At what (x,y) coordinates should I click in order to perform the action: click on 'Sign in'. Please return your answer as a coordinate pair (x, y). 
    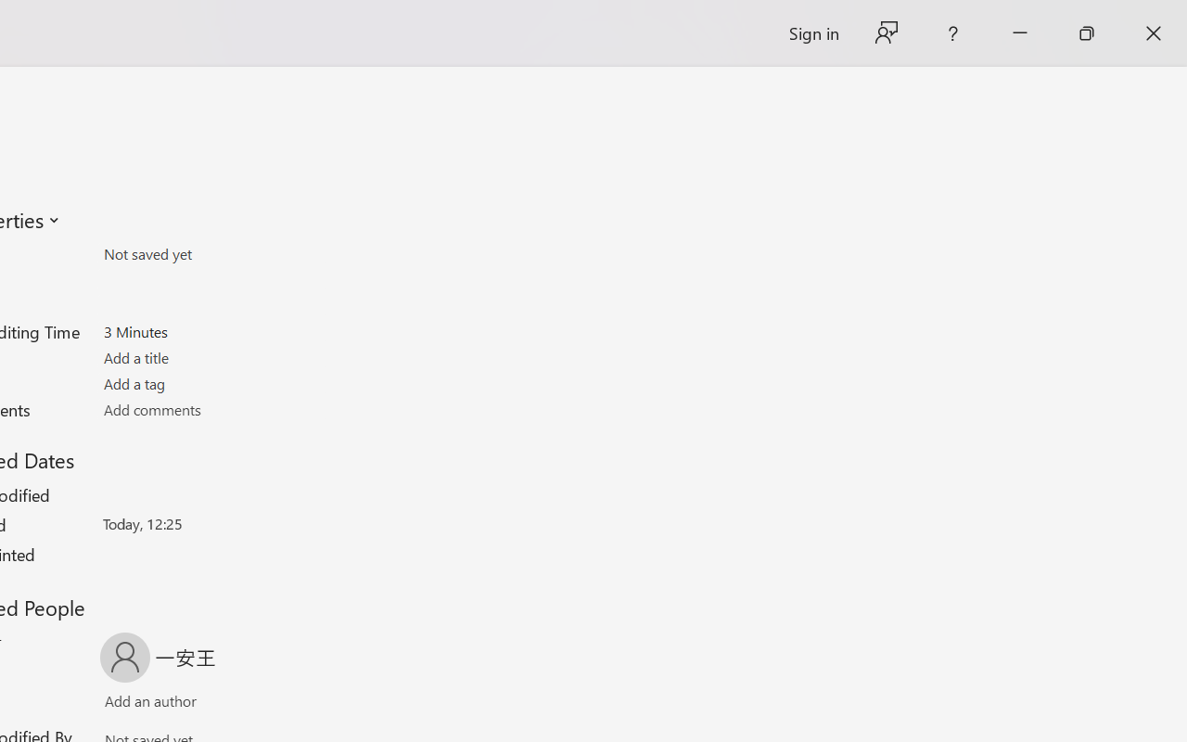
    Looking at the image, I should click on (812, 32).